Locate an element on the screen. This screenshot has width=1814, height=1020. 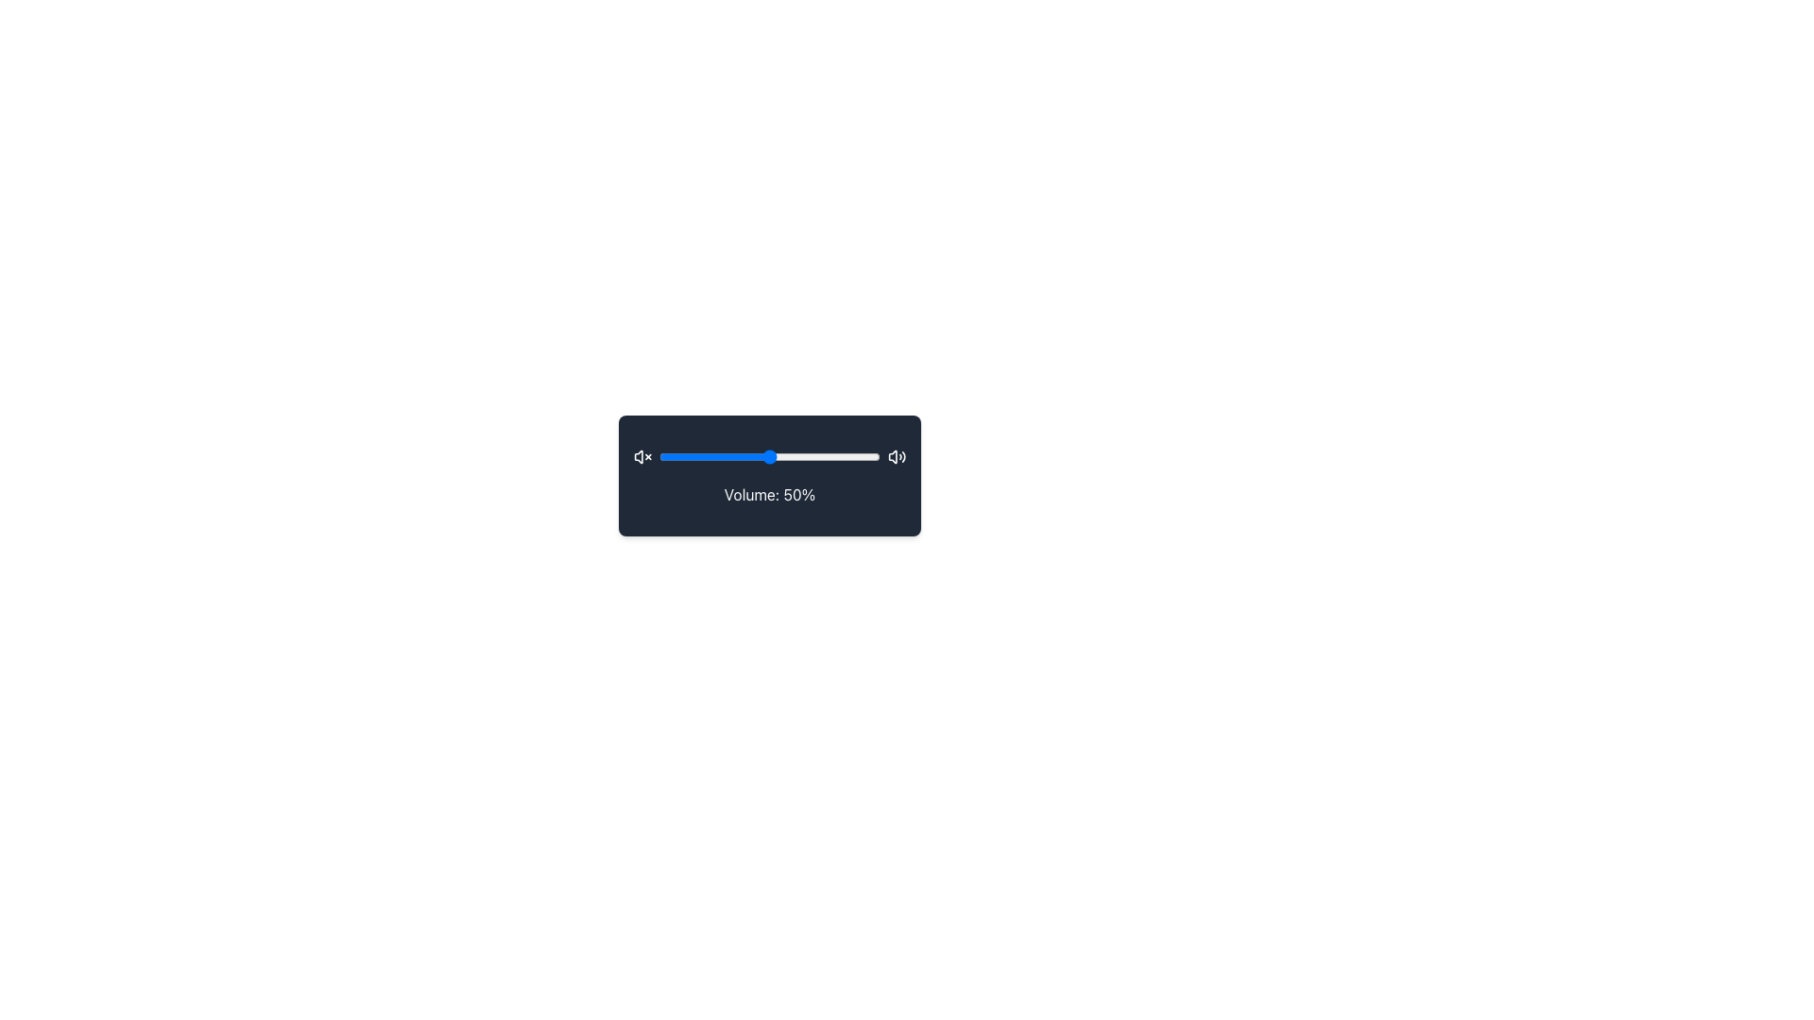
the volume is located at coordinates (811, 456).